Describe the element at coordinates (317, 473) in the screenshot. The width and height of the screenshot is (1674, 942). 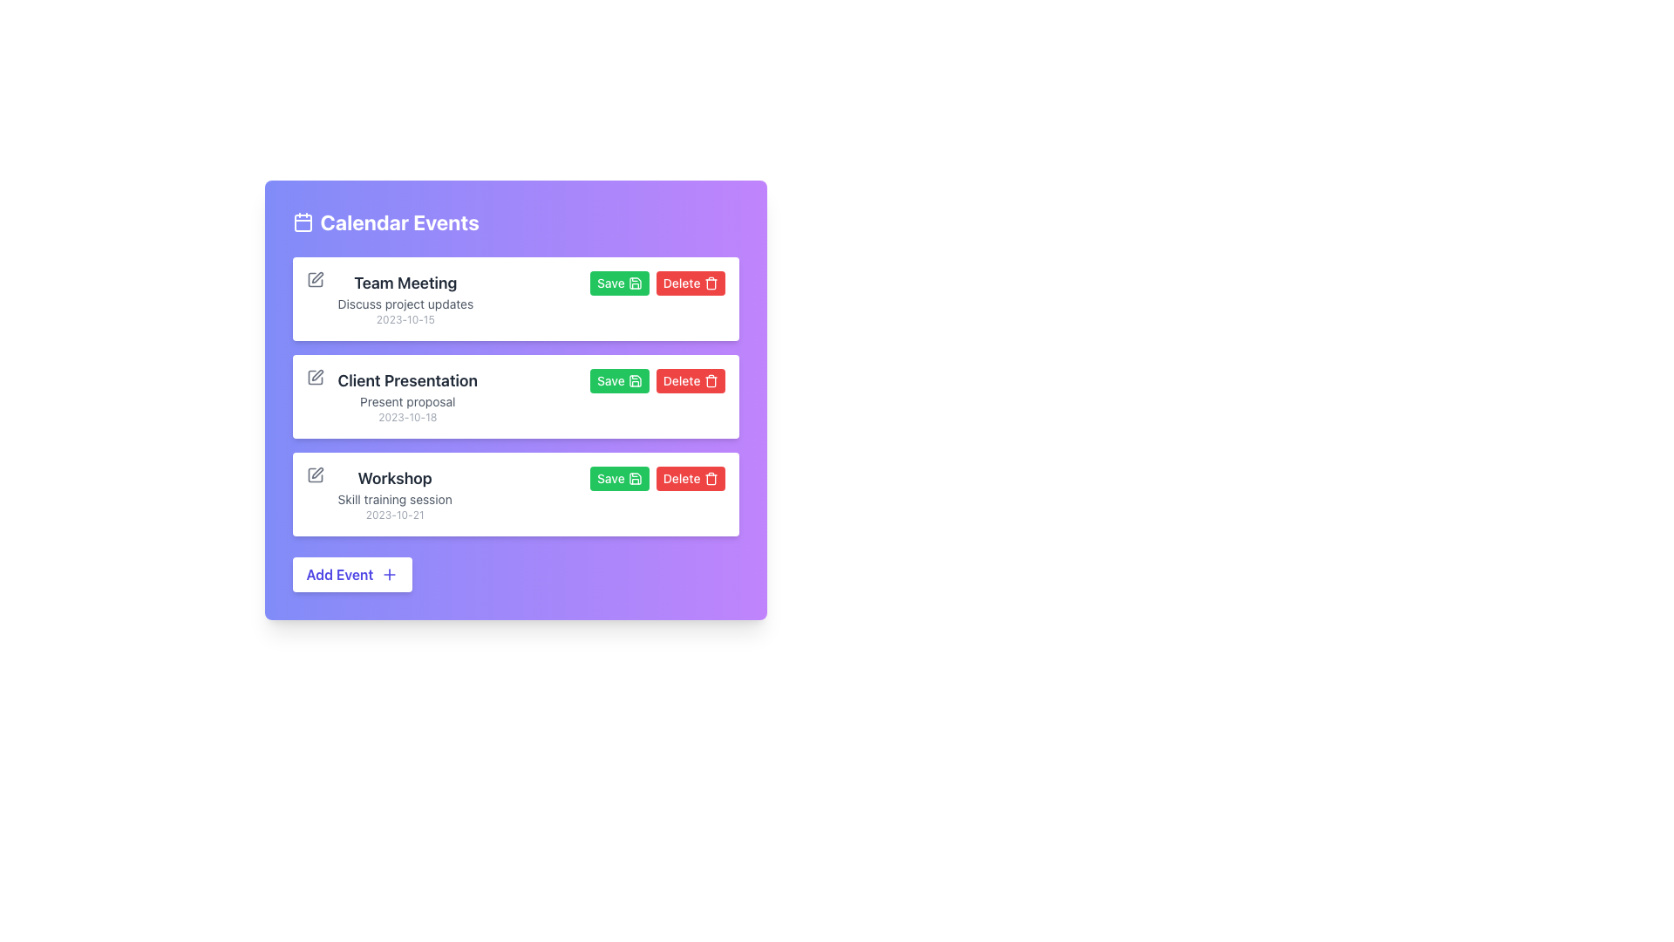
I see `the pen icon located to the left of the event title in the third event of the calendar list to initiate editing` at that location.